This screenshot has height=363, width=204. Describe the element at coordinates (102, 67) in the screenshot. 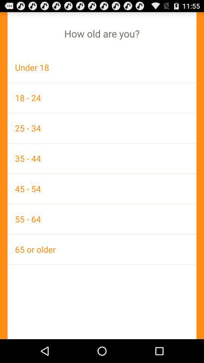

I see `app above the 18 - 24` at that location.